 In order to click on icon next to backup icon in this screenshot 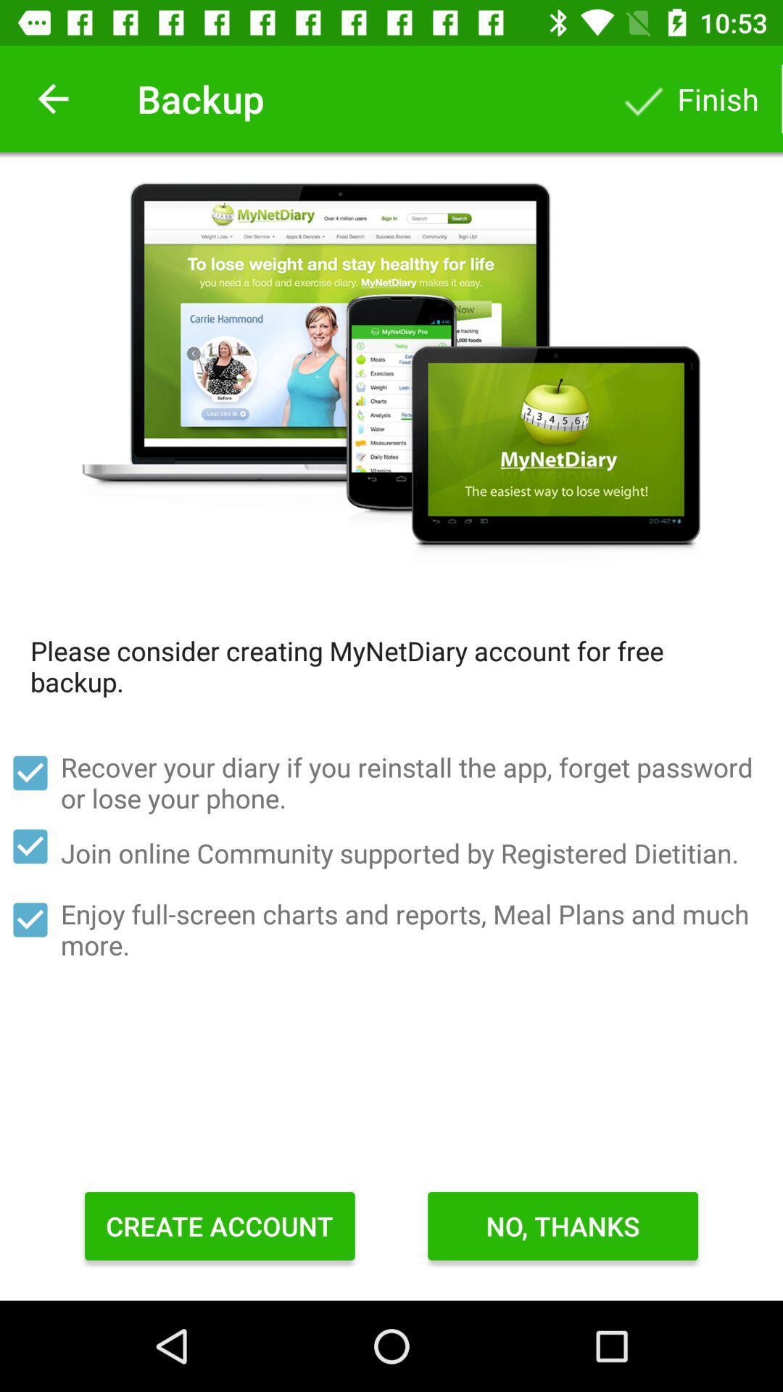, I will do `click(52, 98)`.